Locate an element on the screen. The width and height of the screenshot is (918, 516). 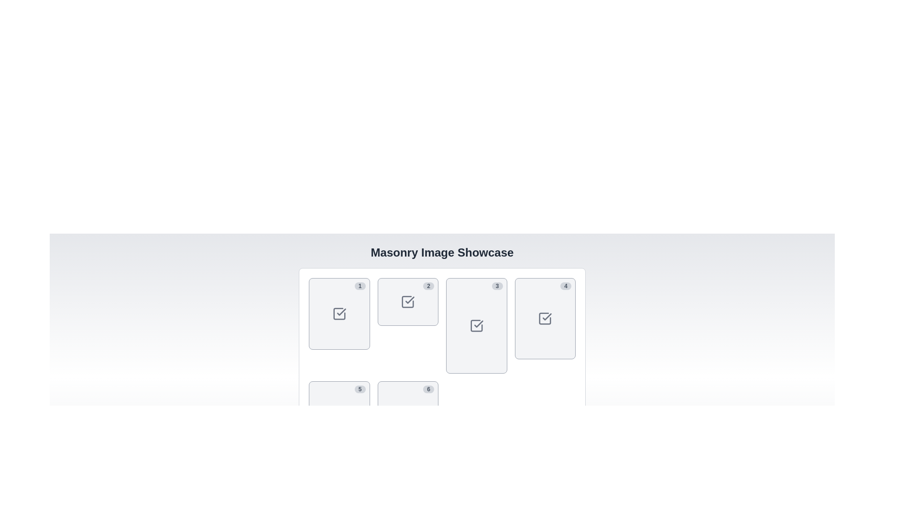
icon styled as a square with a checkmark inside, located in the fifth card of the 'Masonry Image Showcase' section, by clicking on it is located at coordinates (339, 412).